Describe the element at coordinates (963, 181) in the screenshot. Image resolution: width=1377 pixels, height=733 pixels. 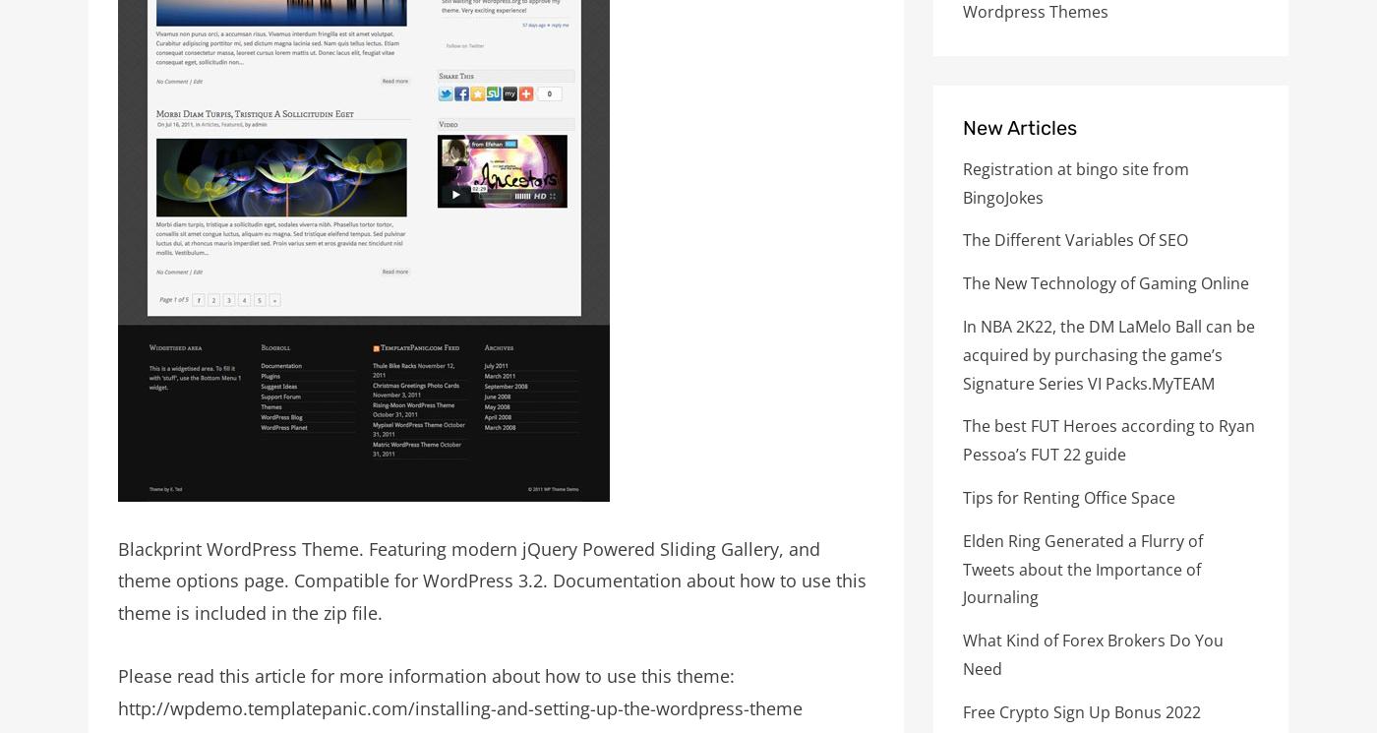
I see `'Registration at bingo site from BingoJokes'` at that location.